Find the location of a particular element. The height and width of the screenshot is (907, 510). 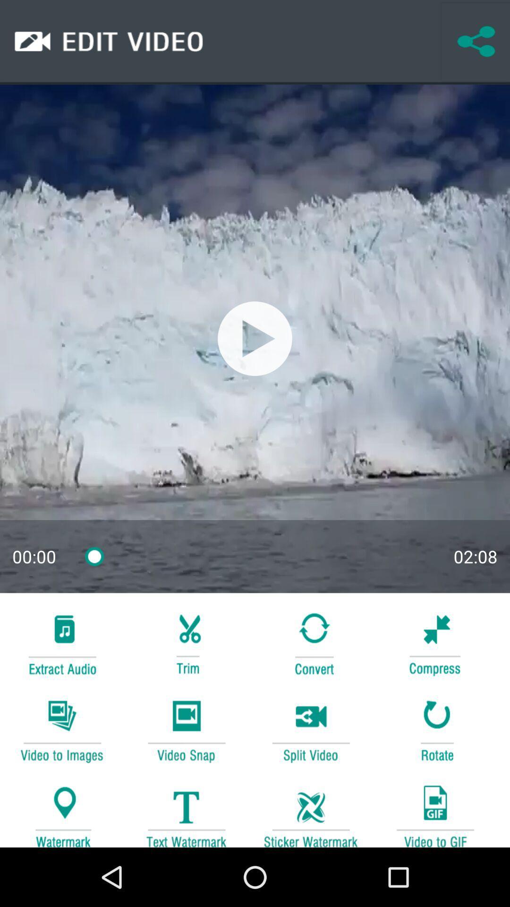

turning option is located at coordinates (311, 642).